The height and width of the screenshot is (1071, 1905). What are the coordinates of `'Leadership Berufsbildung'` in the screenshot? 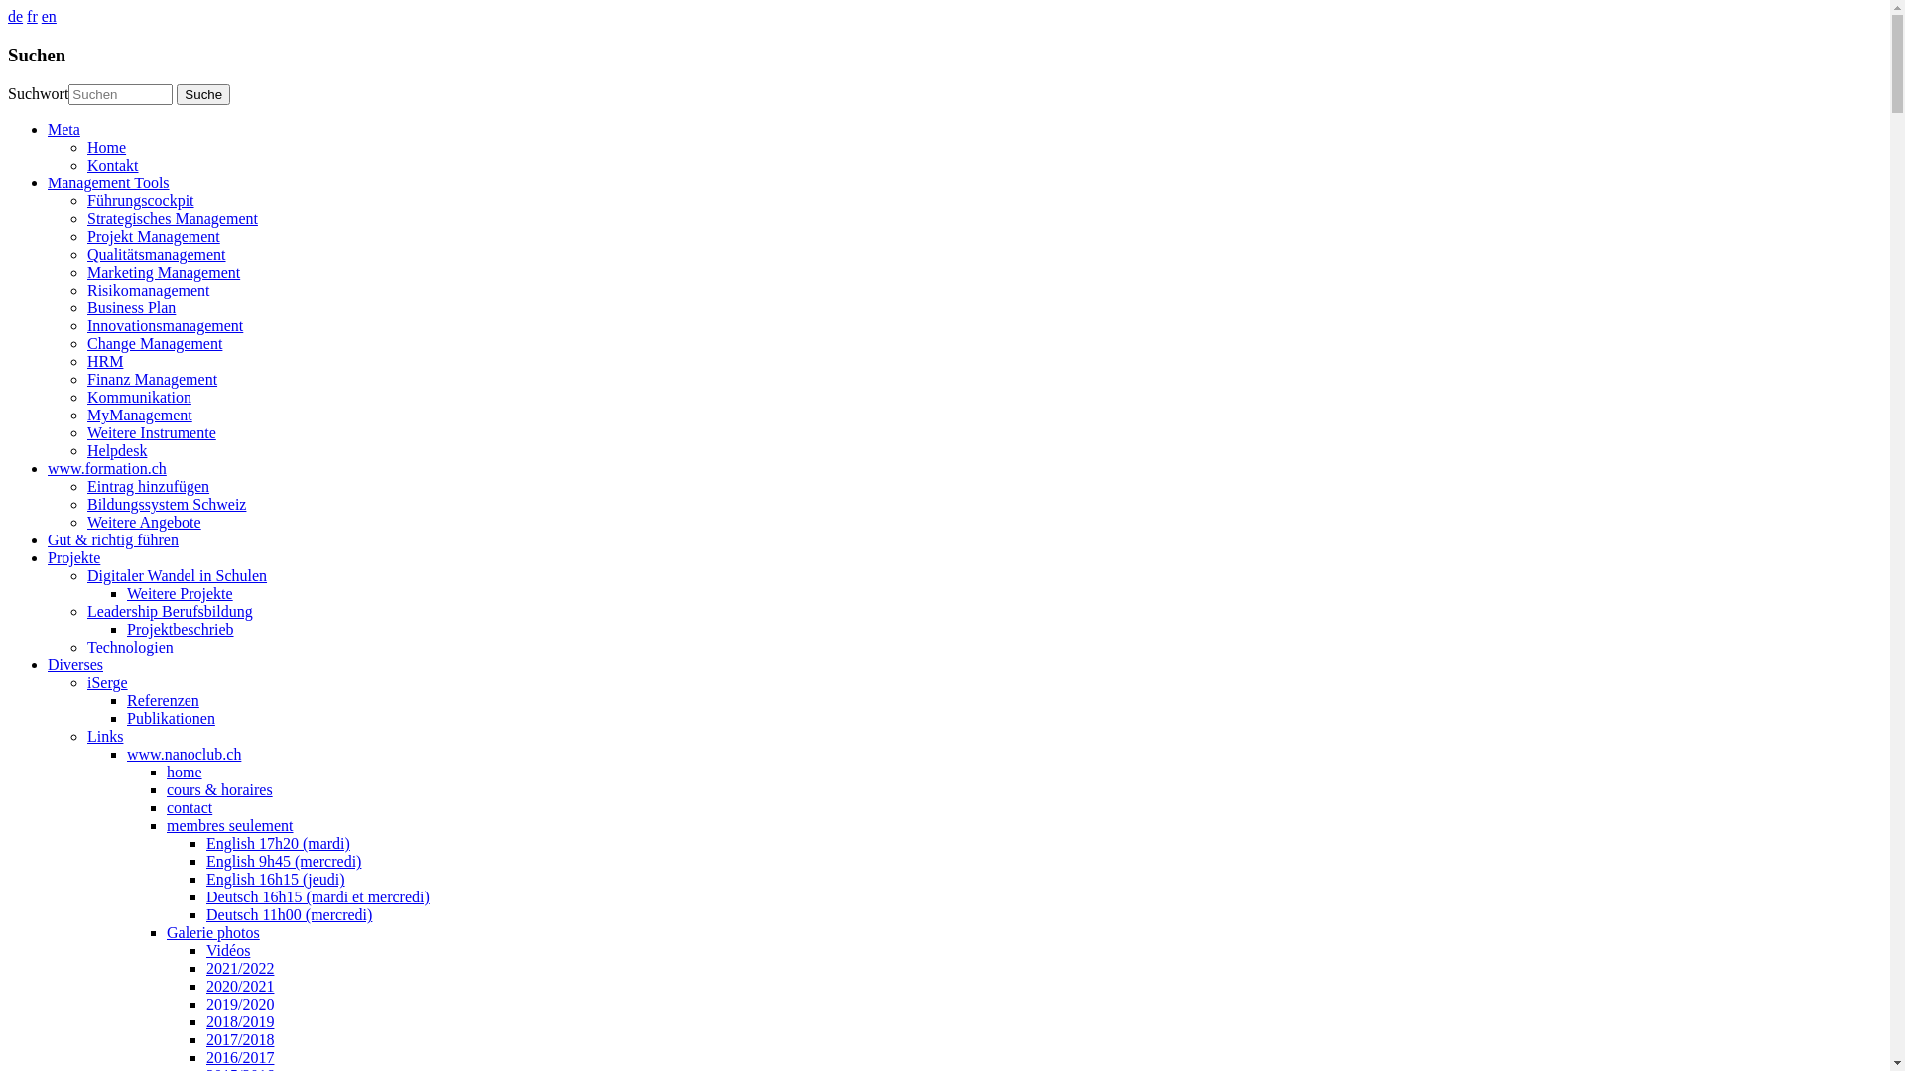 It's located at (170, 610).